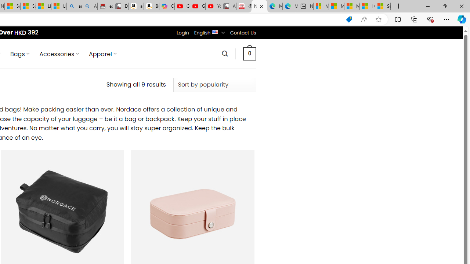 Image resolution: width=470 pixels, height=264 pixels. Describe the element at coordinates (261, 6) in the screenshot. I see `'Close tab'` at that location.